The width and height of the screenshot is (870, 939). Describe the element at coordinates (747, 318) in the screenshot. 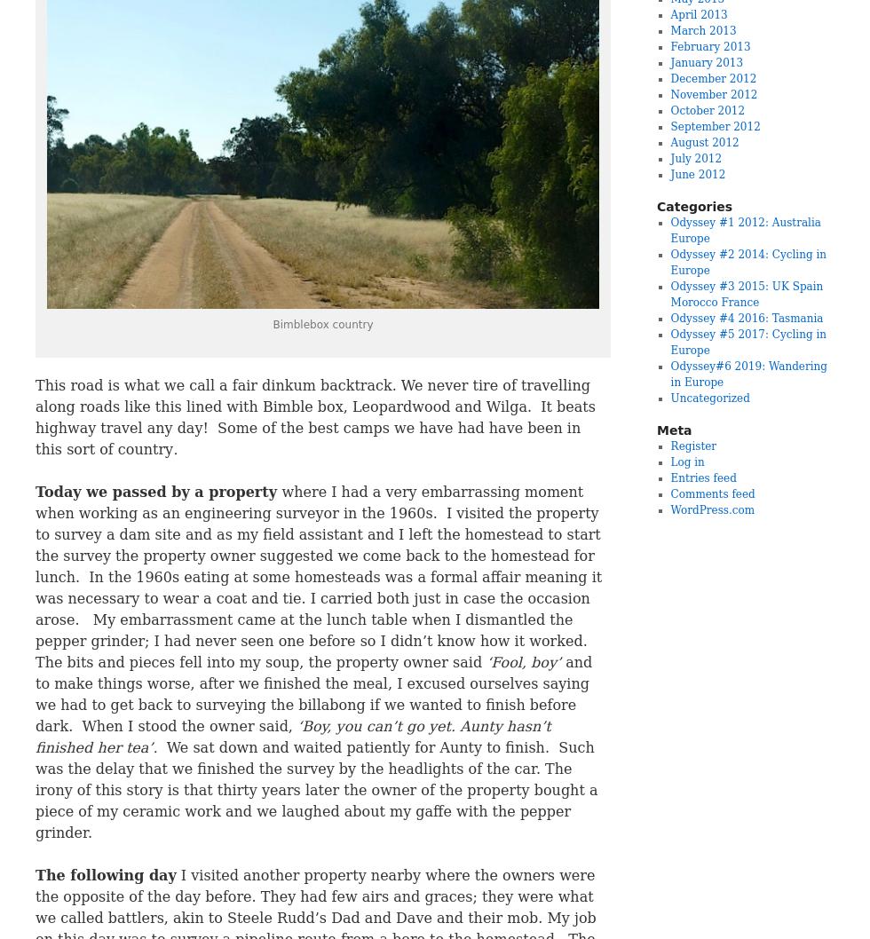

I see `'Odyssey #4 2016: Tasmania'` at that location.